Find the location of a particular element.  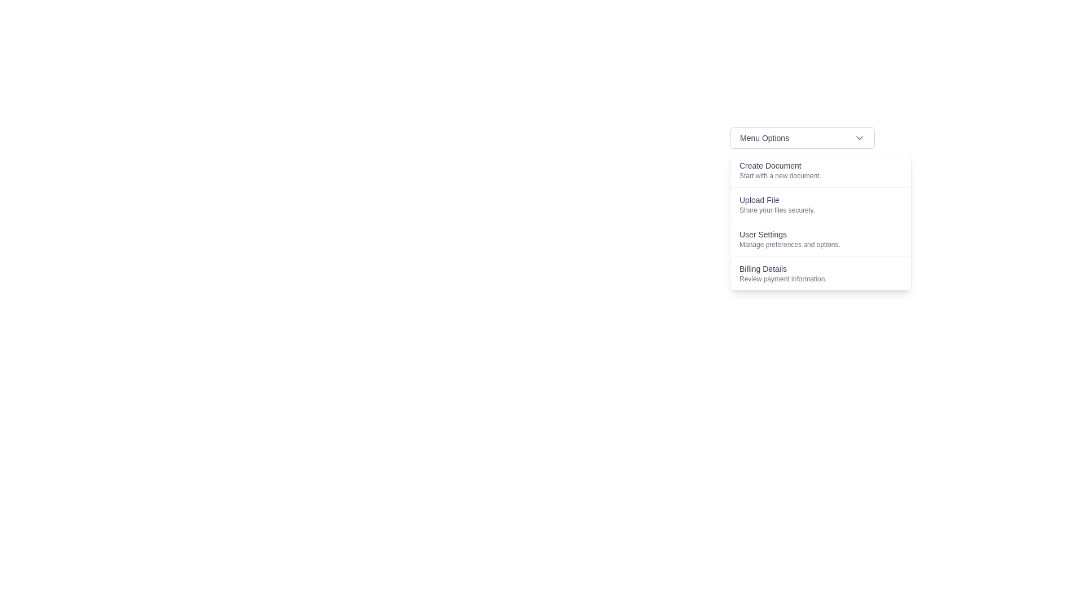

the 'Billing Details' menu item located at the bottom of the dropdown menu under 'User Settings' is located at coordinates (820, 273).